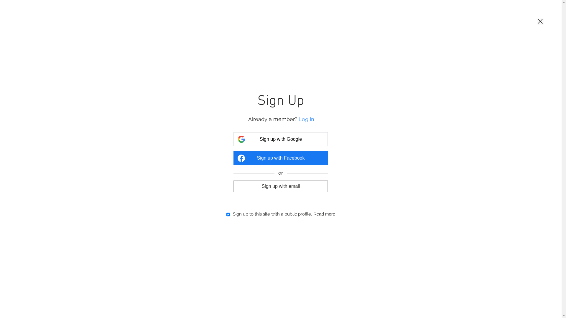  What do you see at coordinates (324, 214) in the screenshot?
I see `'Read more'` at bounding box center [324, 214].